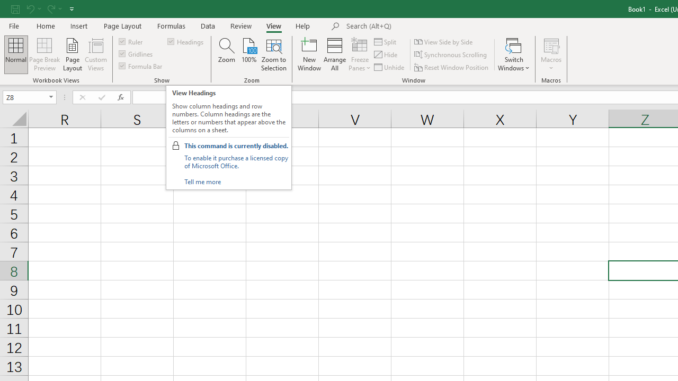  I want to click on 'Class: NetUIImage', so click(176, 146).